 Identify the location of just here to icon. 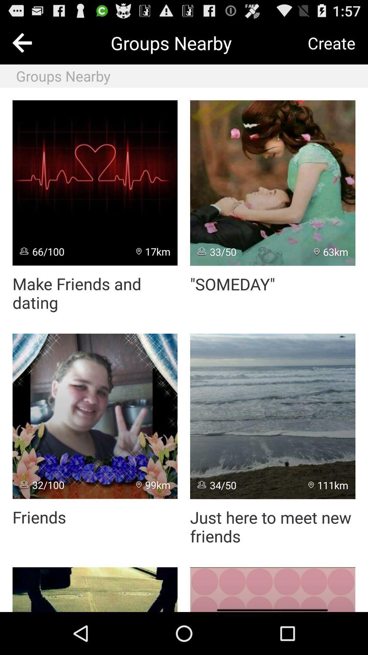
(272, 526).